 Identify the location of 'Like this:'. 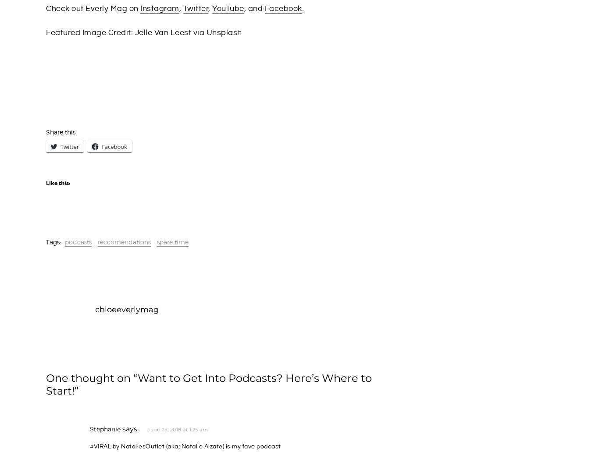
(46, 183).